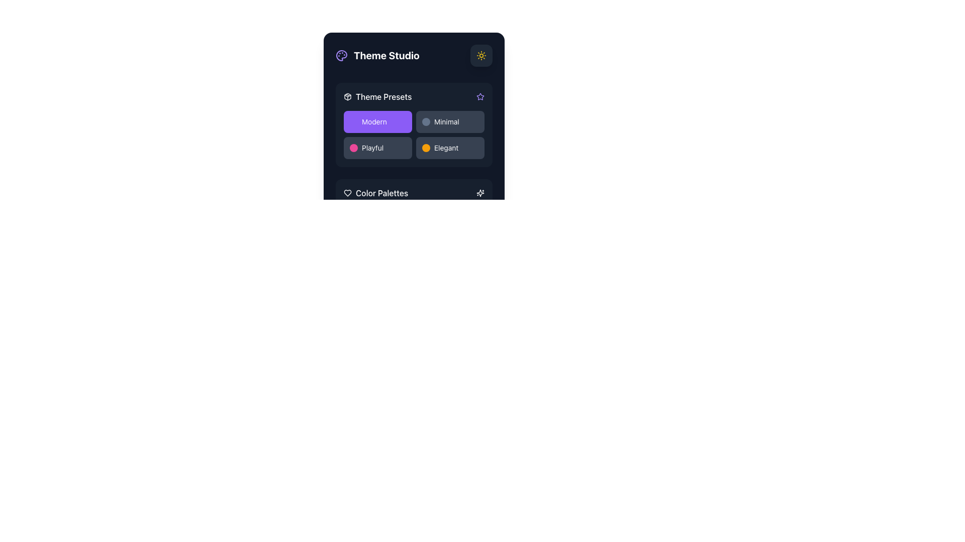  Describe the element at coordinates (377, 148) in the screenshot. I see `the 'Playful' theme button, which is the third item in a grid of theme preset options located beneath the 'Modern' button` at that location.